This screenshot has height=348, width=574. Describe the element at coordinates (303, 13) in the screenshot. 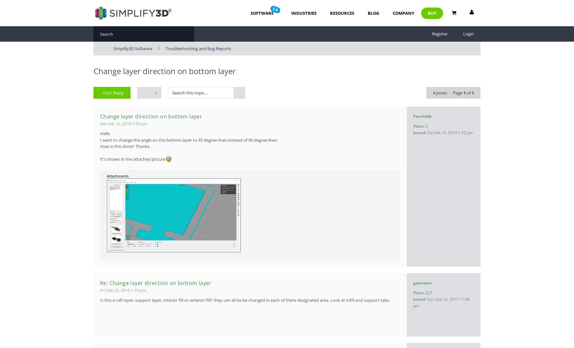

I see `'Industries'` at that location.